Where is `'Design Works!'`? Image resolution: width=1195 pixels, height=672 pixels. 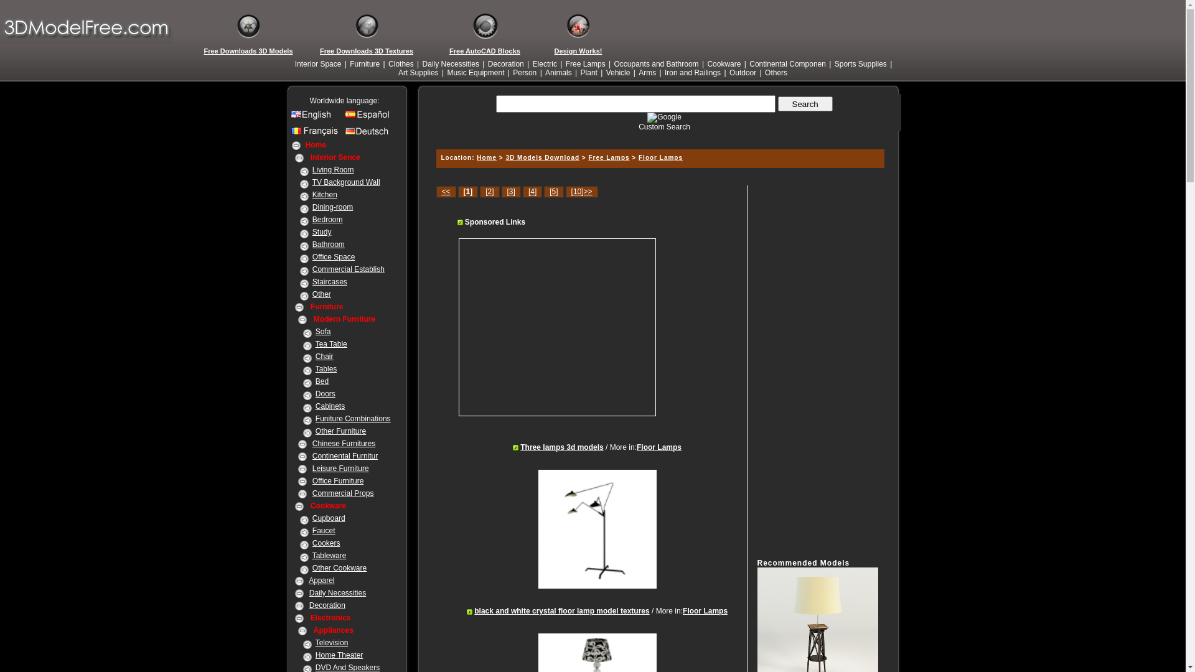
'Design Works!' is located at coordinates (578, 50).